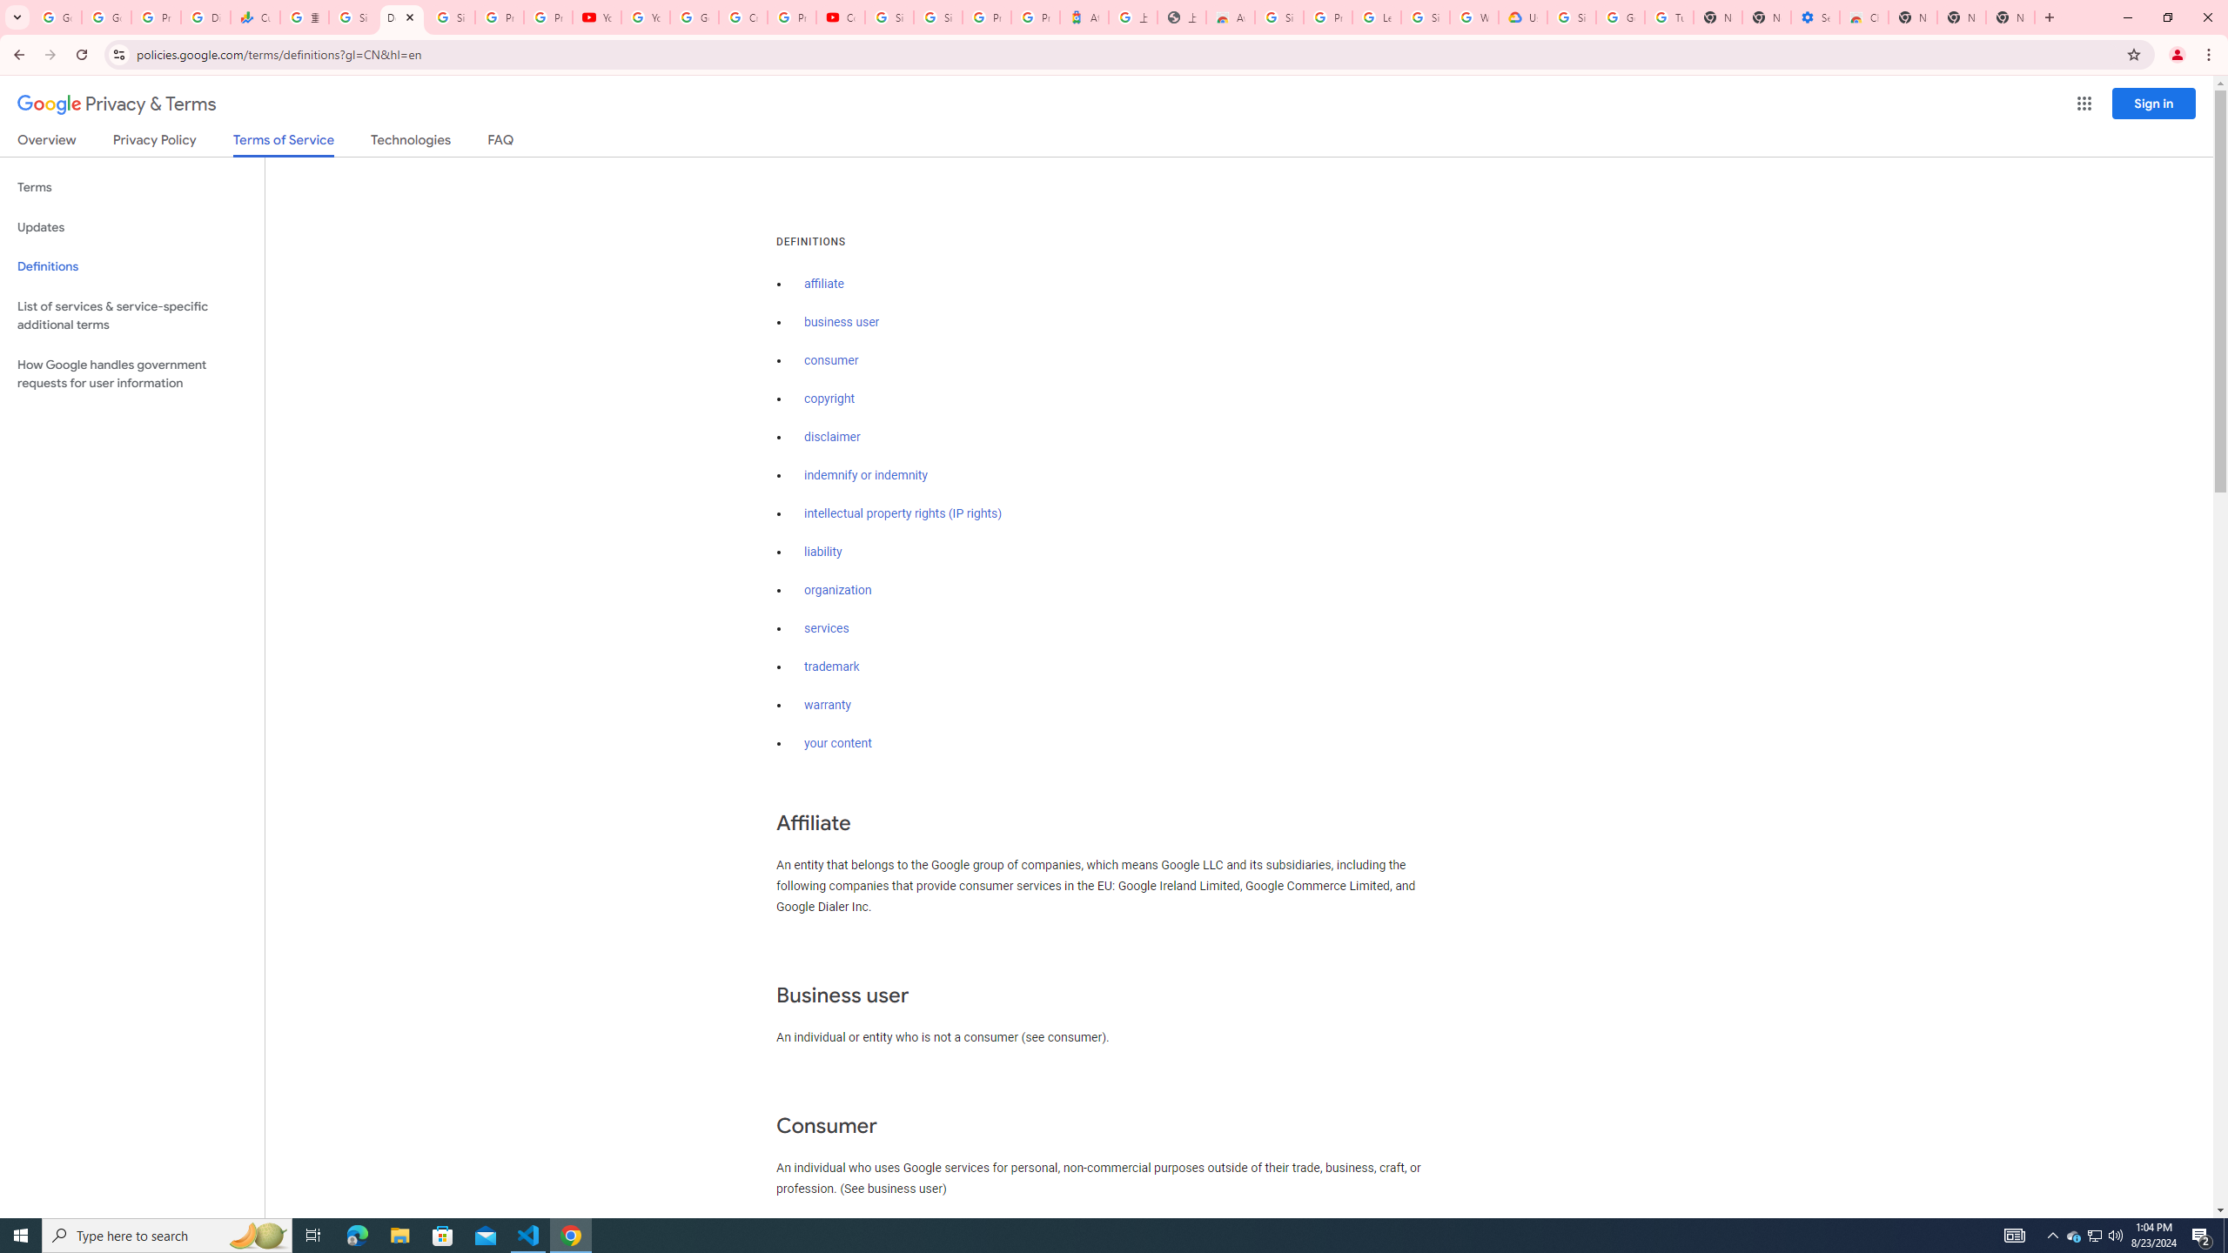 The image size is (2228, 1253). What do you see at coordinates (865, 476) in the screenshot?
I see `'indemnify or indemnity'` at bounding box center [865, 476].